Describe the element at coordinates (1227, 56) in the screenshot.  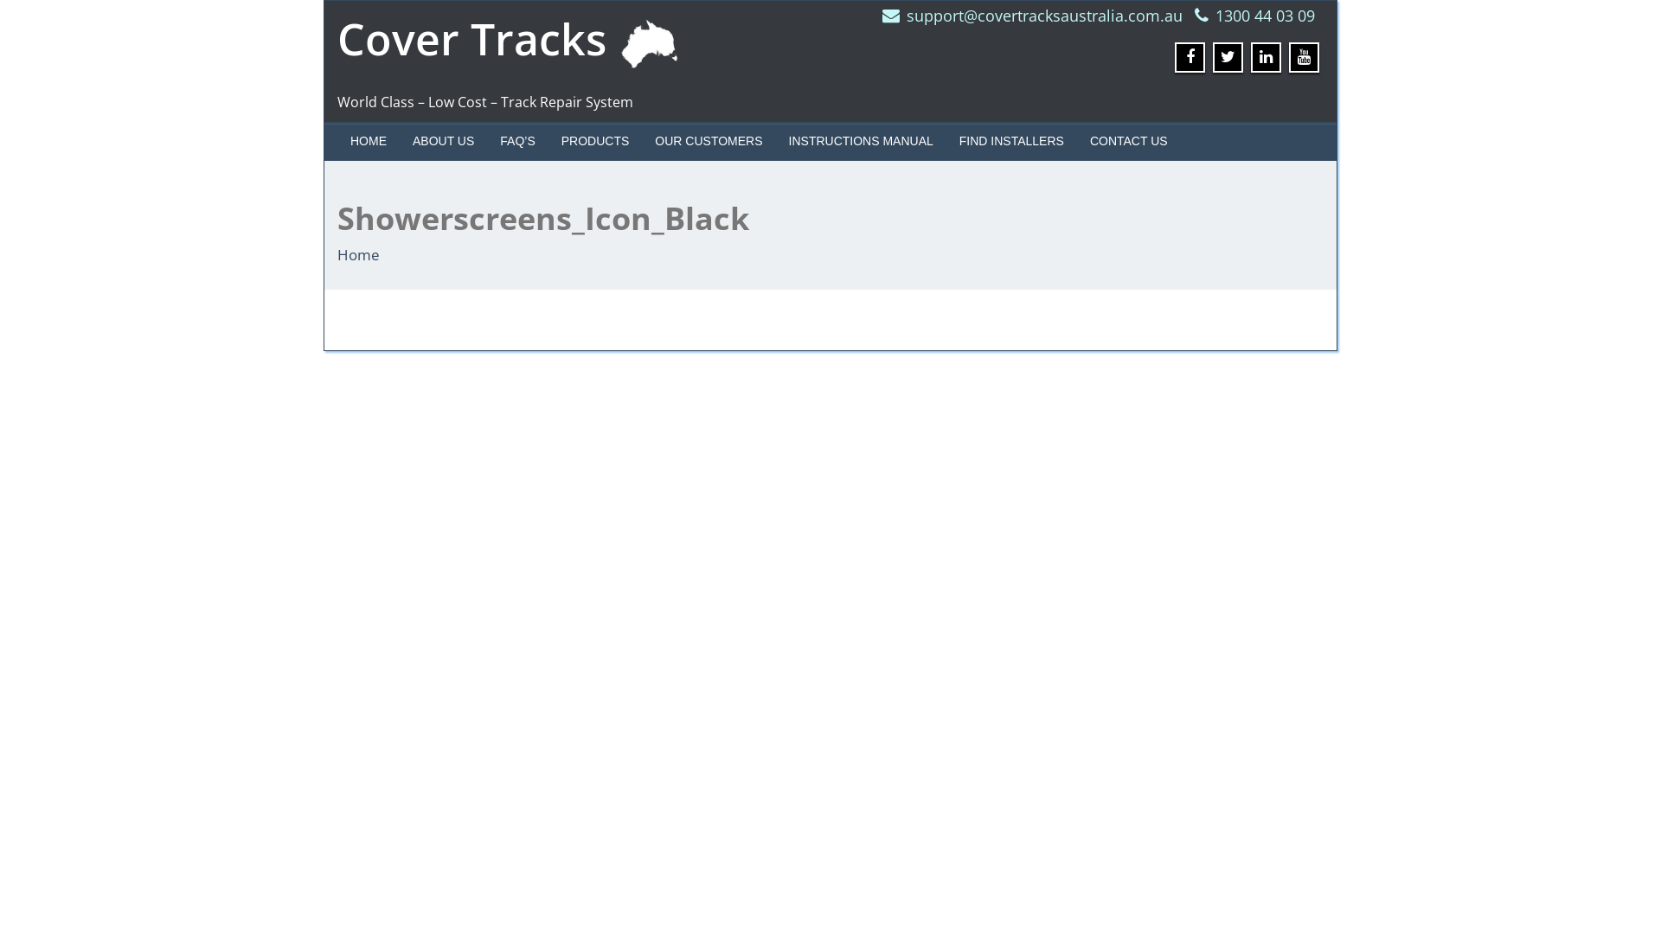
I see `'Twiiter'` at that location.